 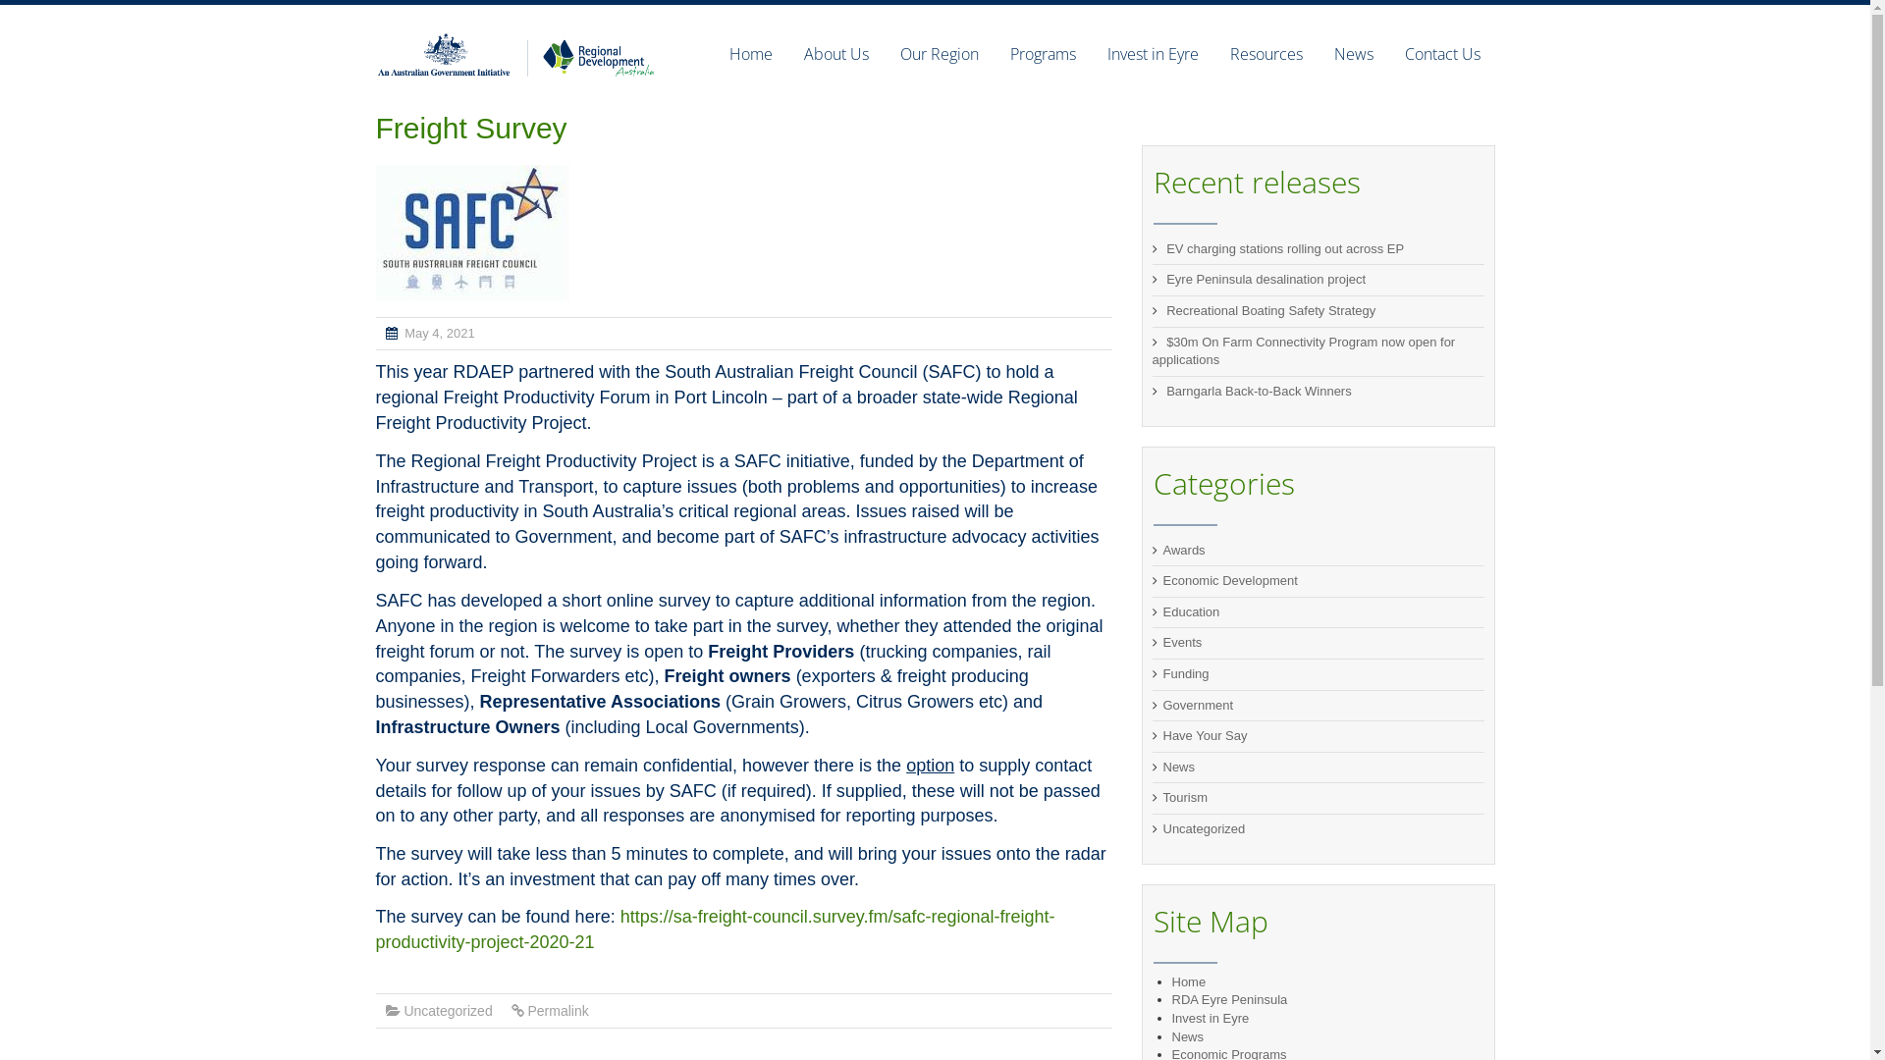 I want to click on 'EV charging stations rolling out across EP', so click(x=1285, y=247).